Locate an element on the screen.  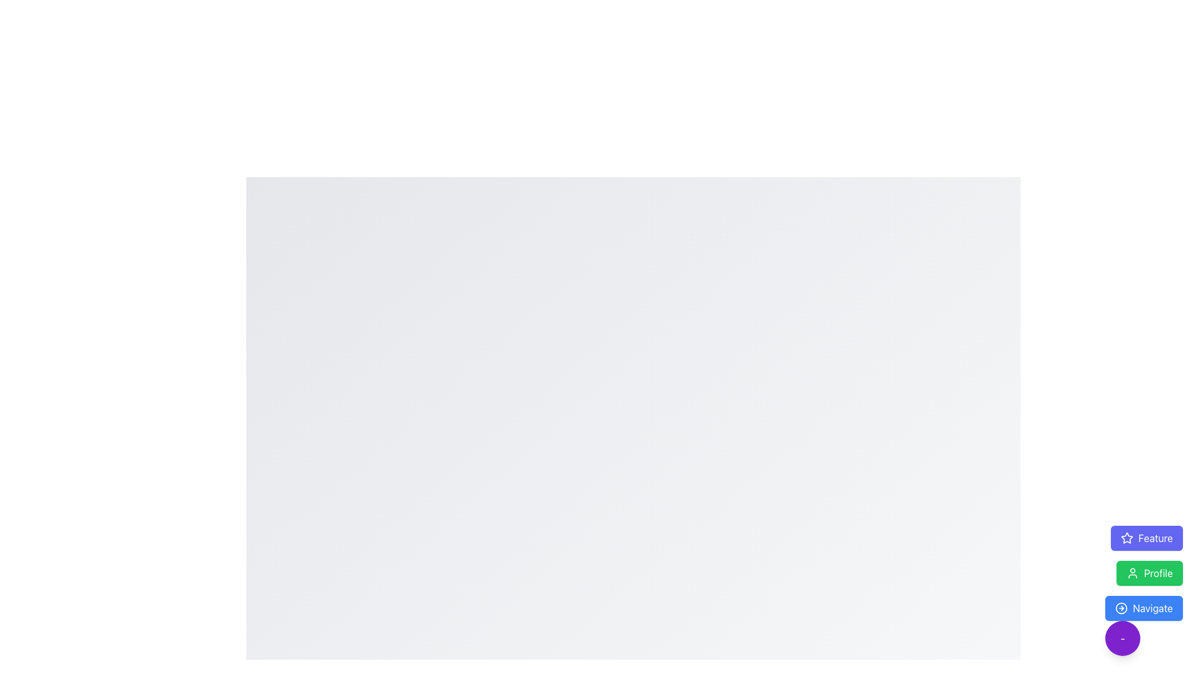
the circular SVG graphical element styled with a blue hue, which is part of the 'Navigate' button located in the bottom-right corner of the interface is located at coordinates (1122, 608).